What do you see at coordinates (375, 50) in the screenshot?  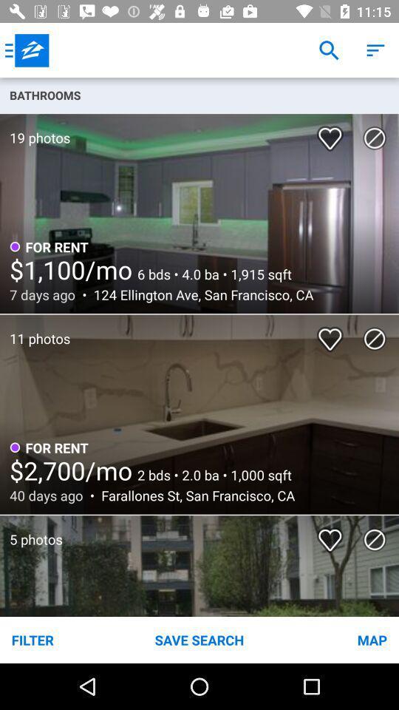 I see `the icon above the bathrooms icon` at bounding box center [375, 50].